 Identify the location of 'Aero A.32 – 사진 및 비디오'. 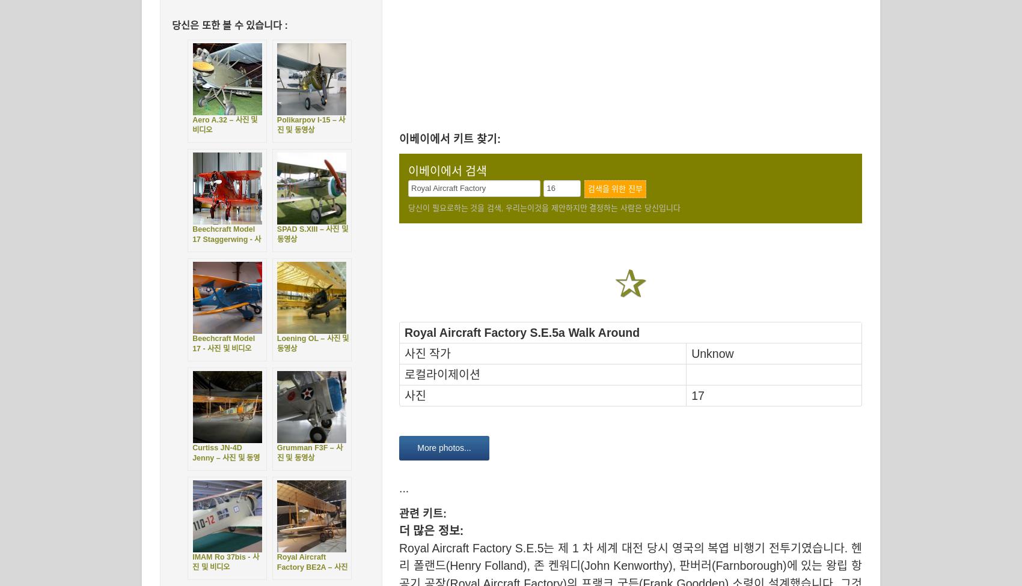
(224, 124).